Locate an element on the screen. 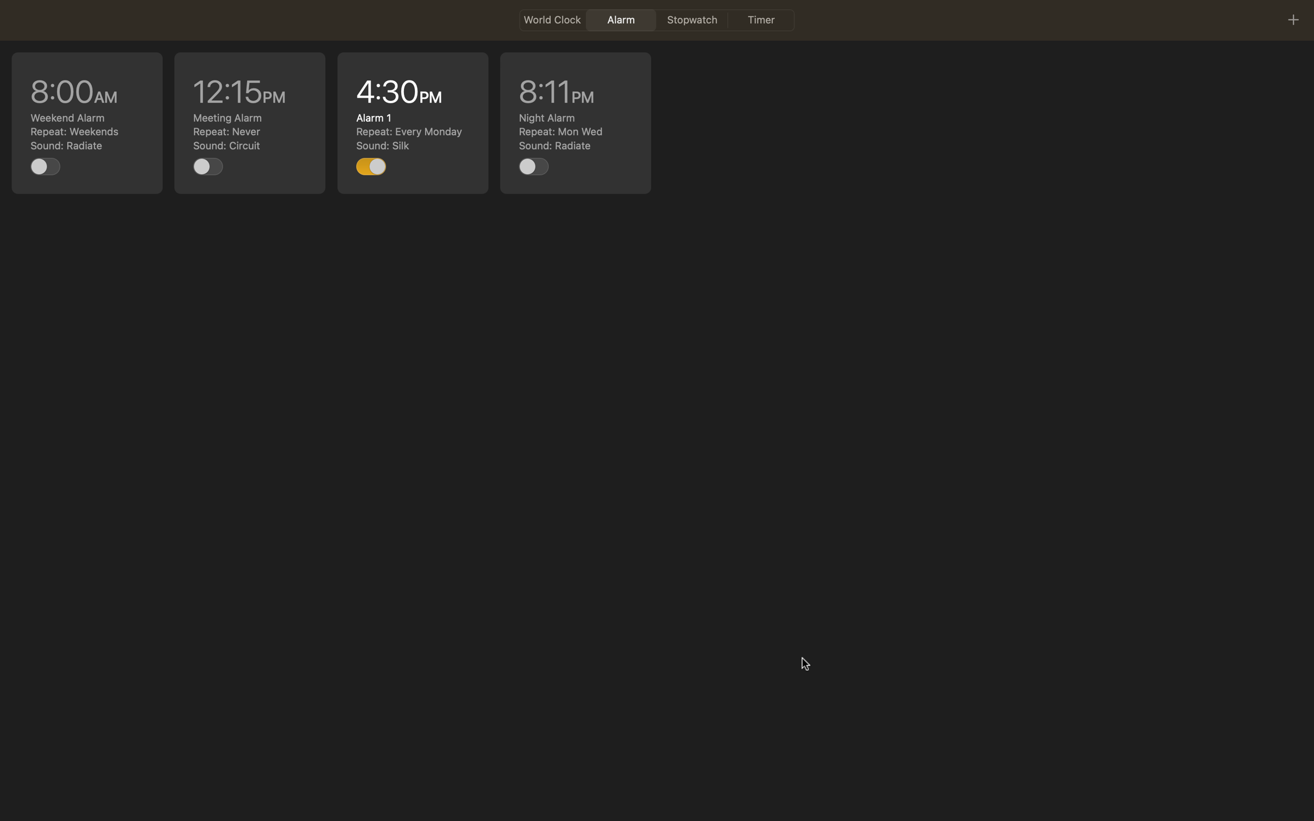  a new reminder by selecting the plus icon is located at coordinates (1292, 19).